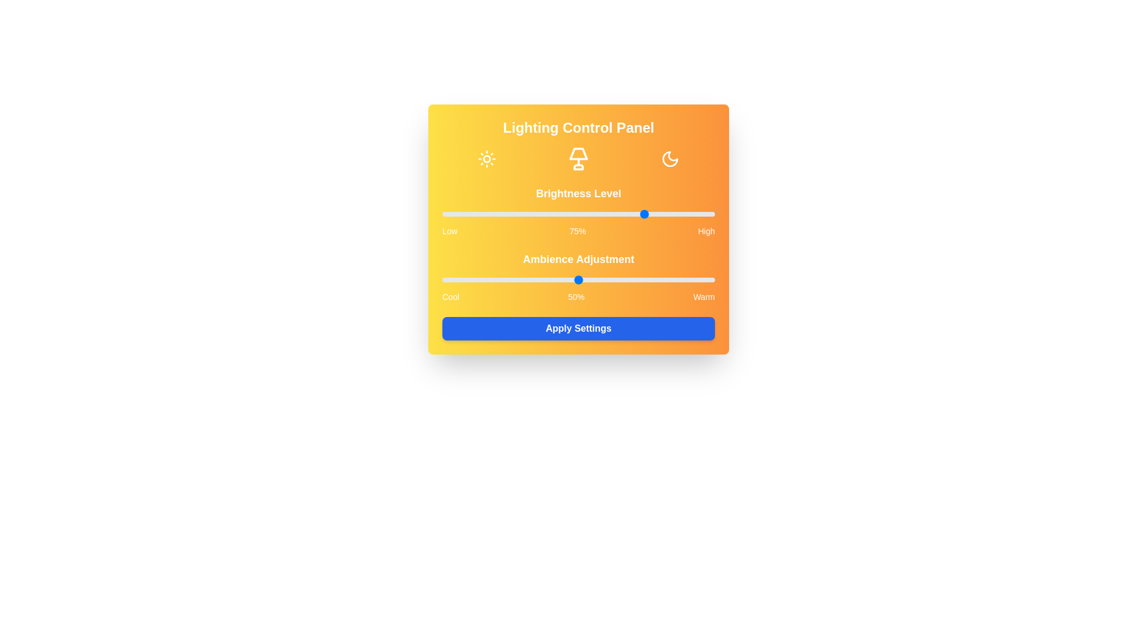 Image resolution: width=1128 pixels, height=634 pixels. What do you see at coordinates (578, 158) in the screenshot?
I see `the Lamp icon to interact with it` at bounding box center [578, 158].